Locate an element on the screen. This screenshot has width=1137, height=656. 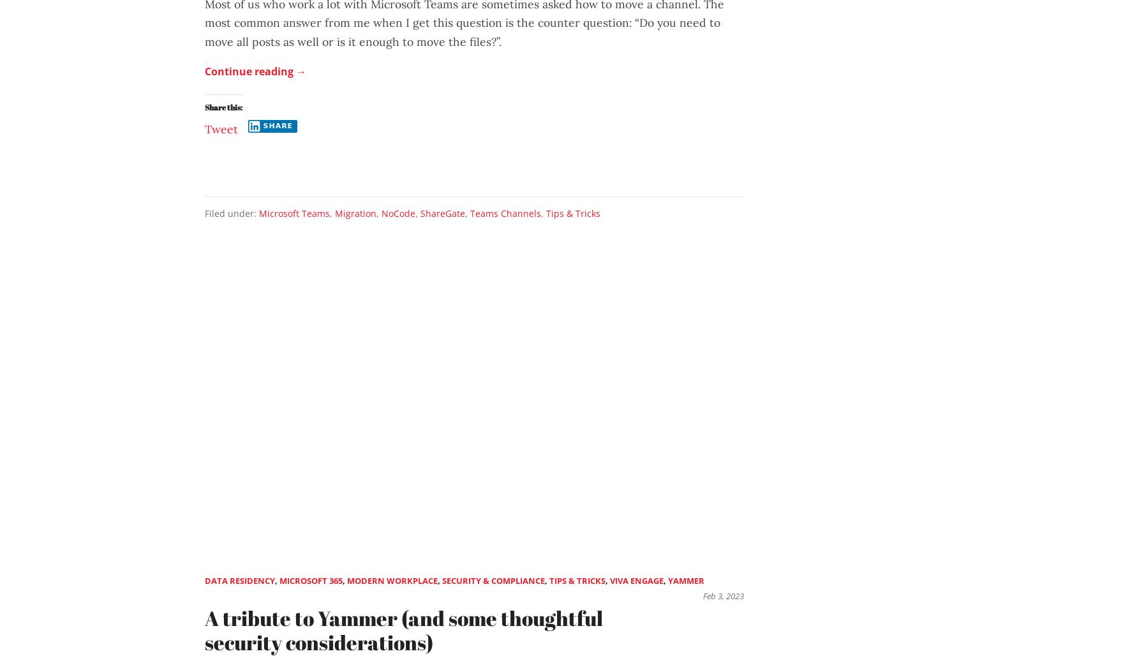
'Share' is located at coordinates (278, 124).